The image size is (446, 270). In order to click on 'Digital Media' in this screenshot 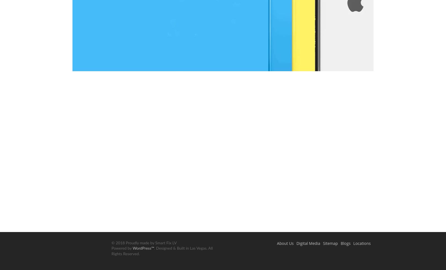, I will do `click(296, 243)`.